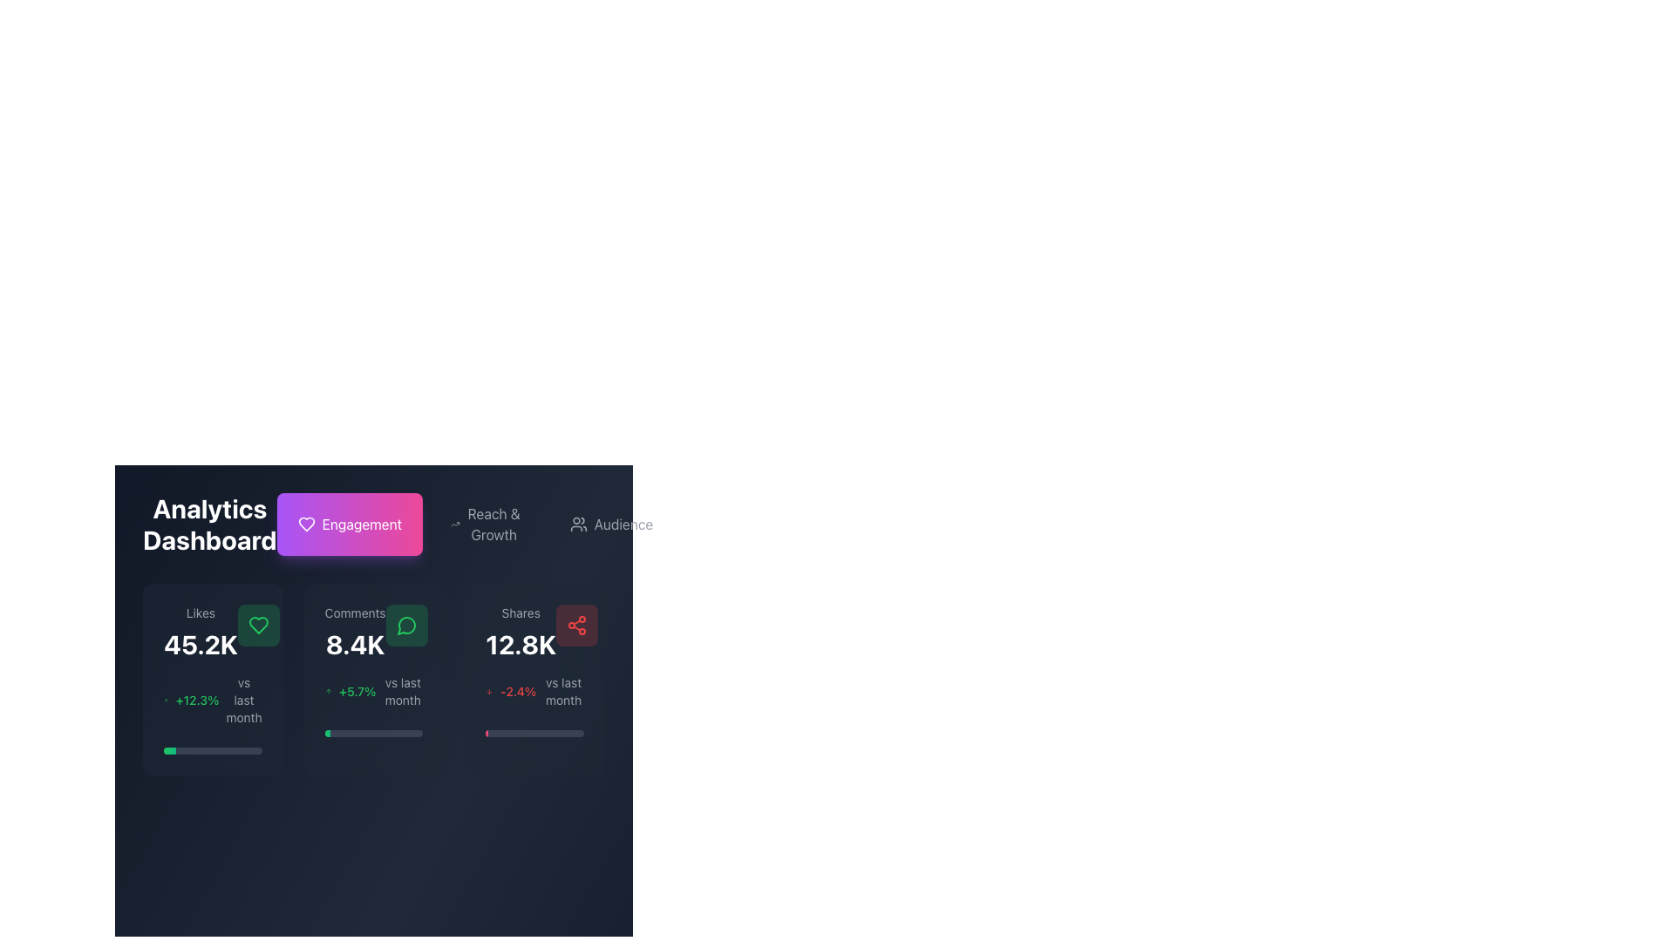 This screenshot has width=1674, height=941. I want to click on the graphical speech bubble icon representing the 'Comments' metric, so click(405, 625).